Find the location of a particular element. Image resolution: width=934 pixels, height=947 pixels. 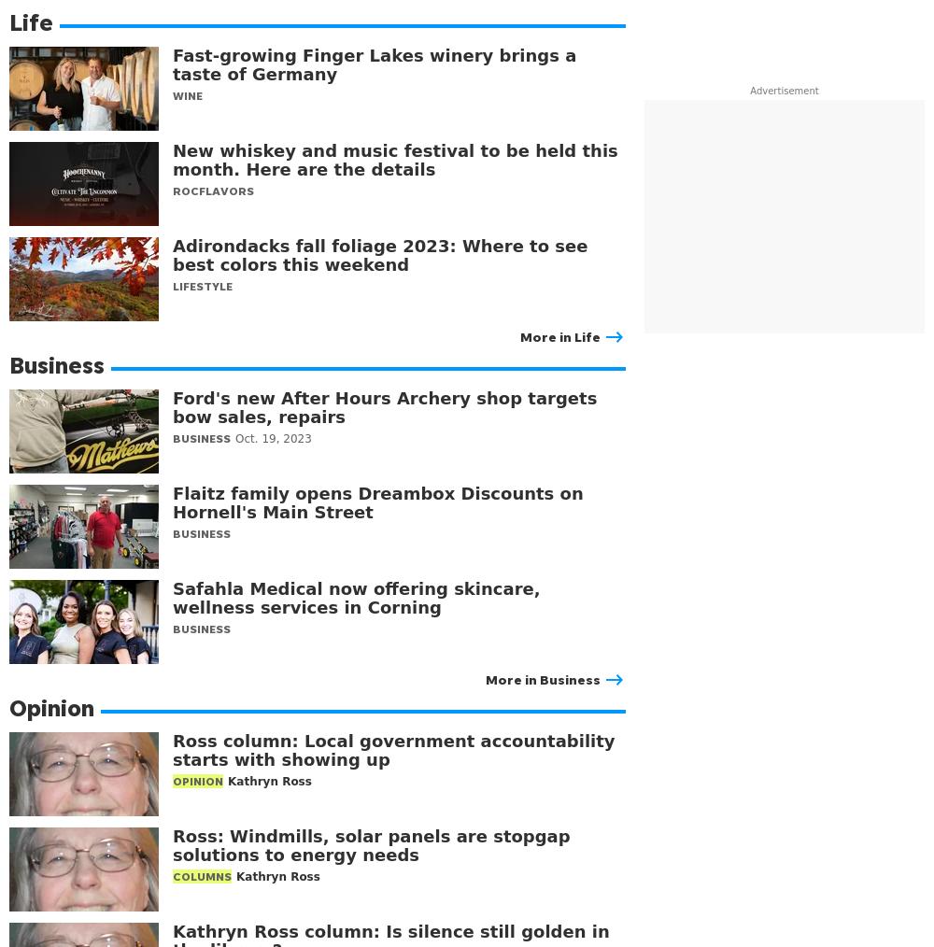

'Safahla Medical now offering skincare, wellness services in Corning' is located at coordinates (356, 598).